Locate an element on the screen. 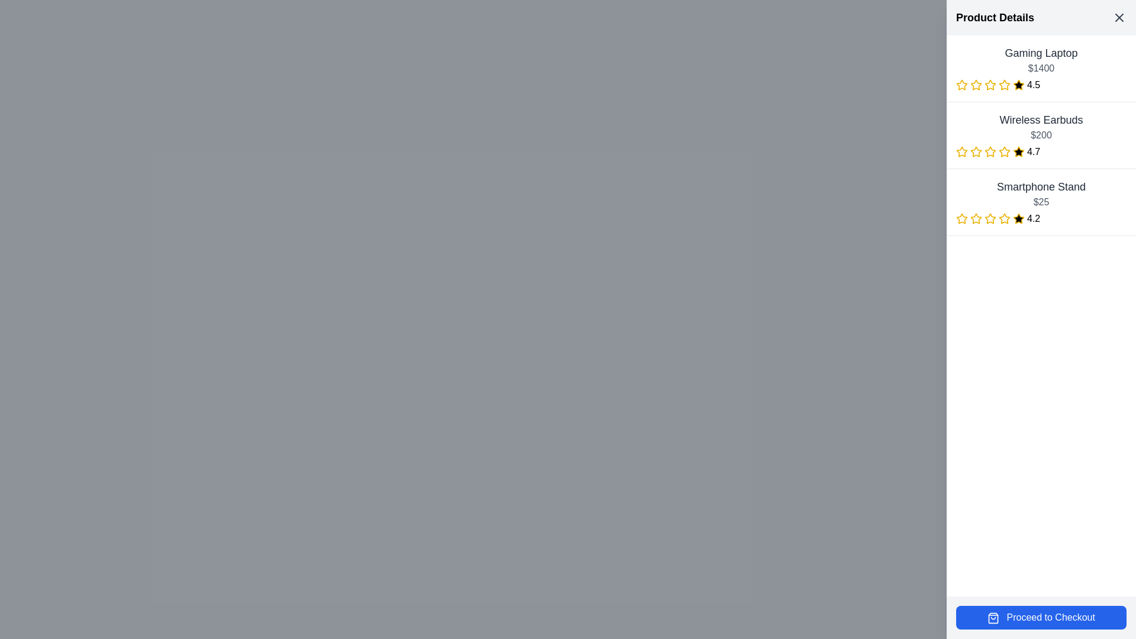  the close button (X symbol) located in the upper-right corner of the 'Product Details' sidebar is located at coordinates (1118, 18).